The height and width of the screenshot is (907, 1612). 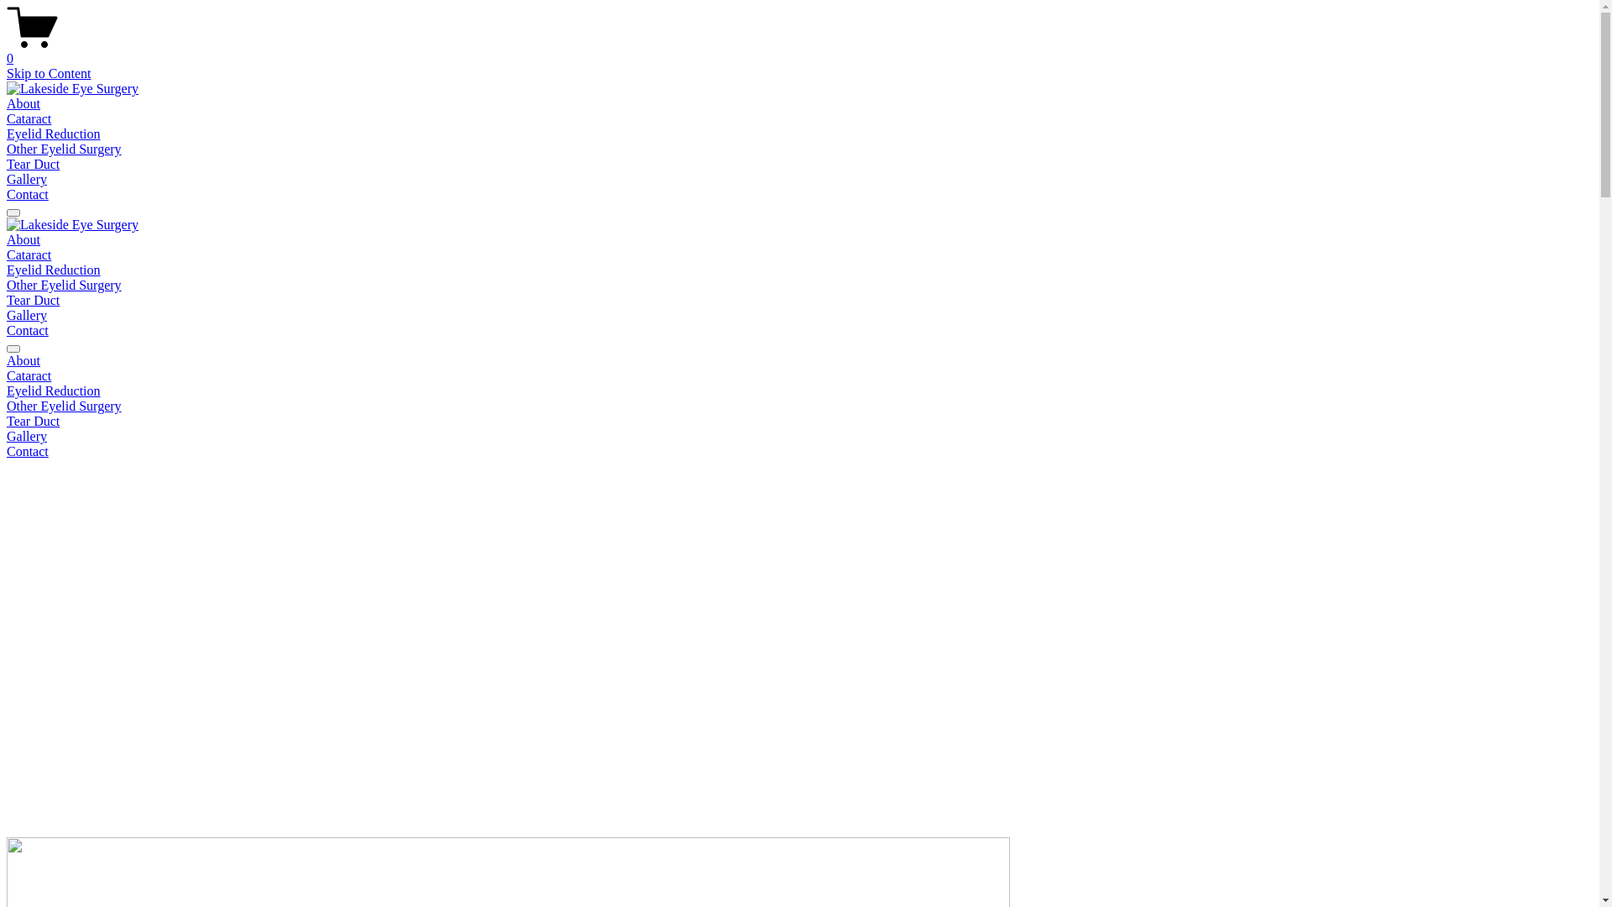 What do you see at coordinates (798, 375) in the screenshot?
I see `'Cataract'` at bounding box center [798, 375].